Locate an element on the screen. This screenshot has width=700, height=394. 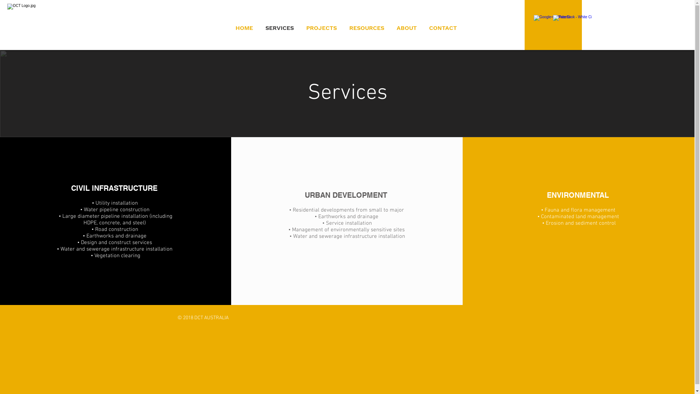
'RESOURCES' is located at coordinates (342, 27).